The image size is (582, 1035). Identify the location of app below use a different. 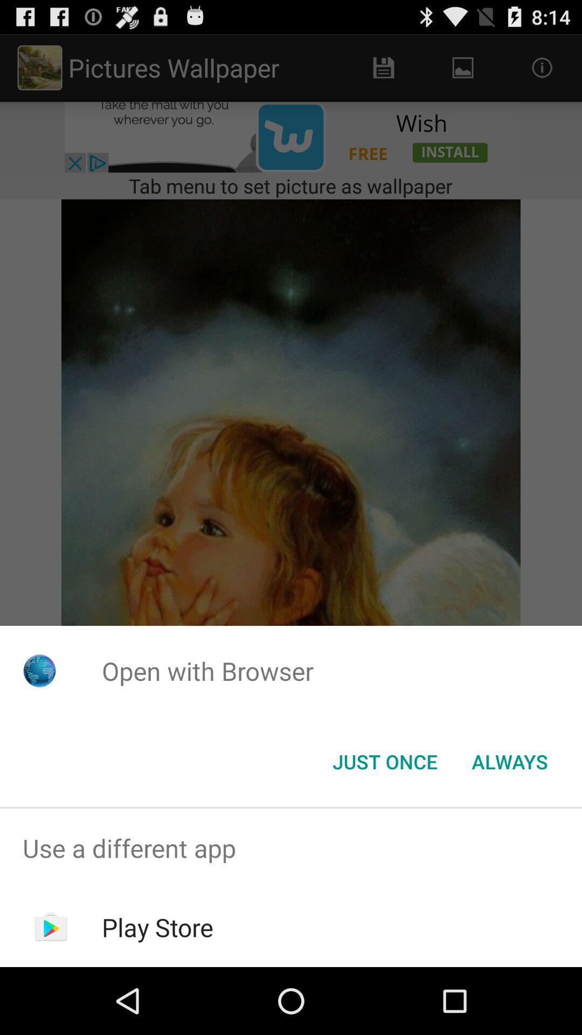
(157, 927).